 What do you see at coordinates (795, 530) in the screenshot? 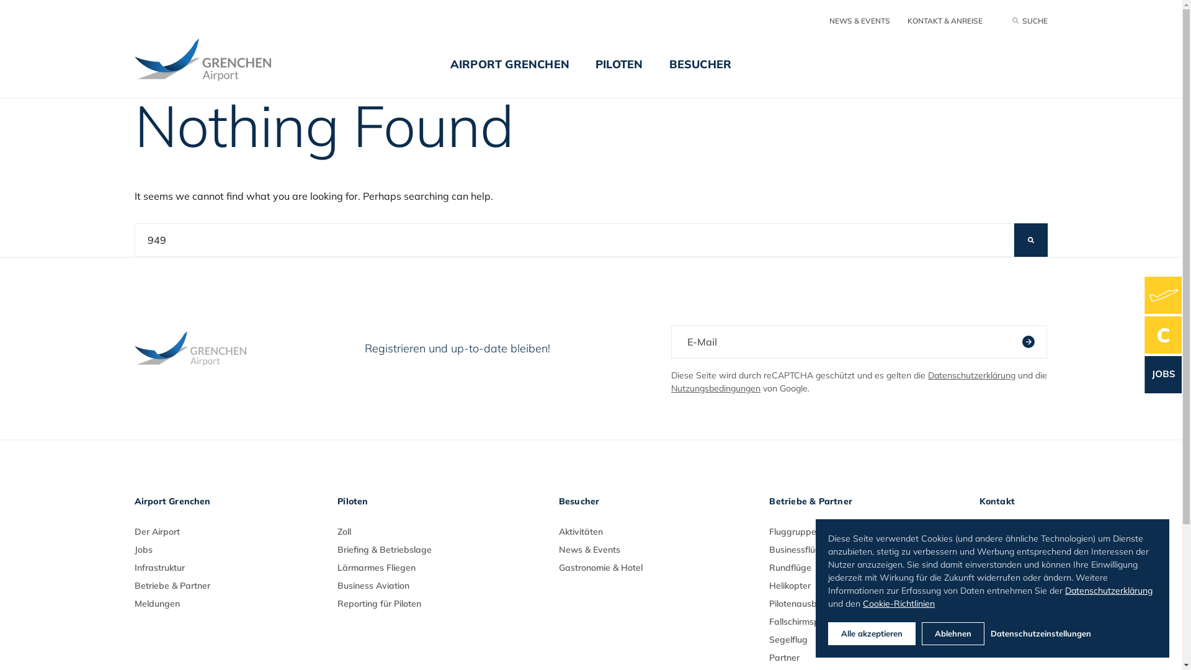
I see `'Fluggruppen'` at bounding box center [795, 530].